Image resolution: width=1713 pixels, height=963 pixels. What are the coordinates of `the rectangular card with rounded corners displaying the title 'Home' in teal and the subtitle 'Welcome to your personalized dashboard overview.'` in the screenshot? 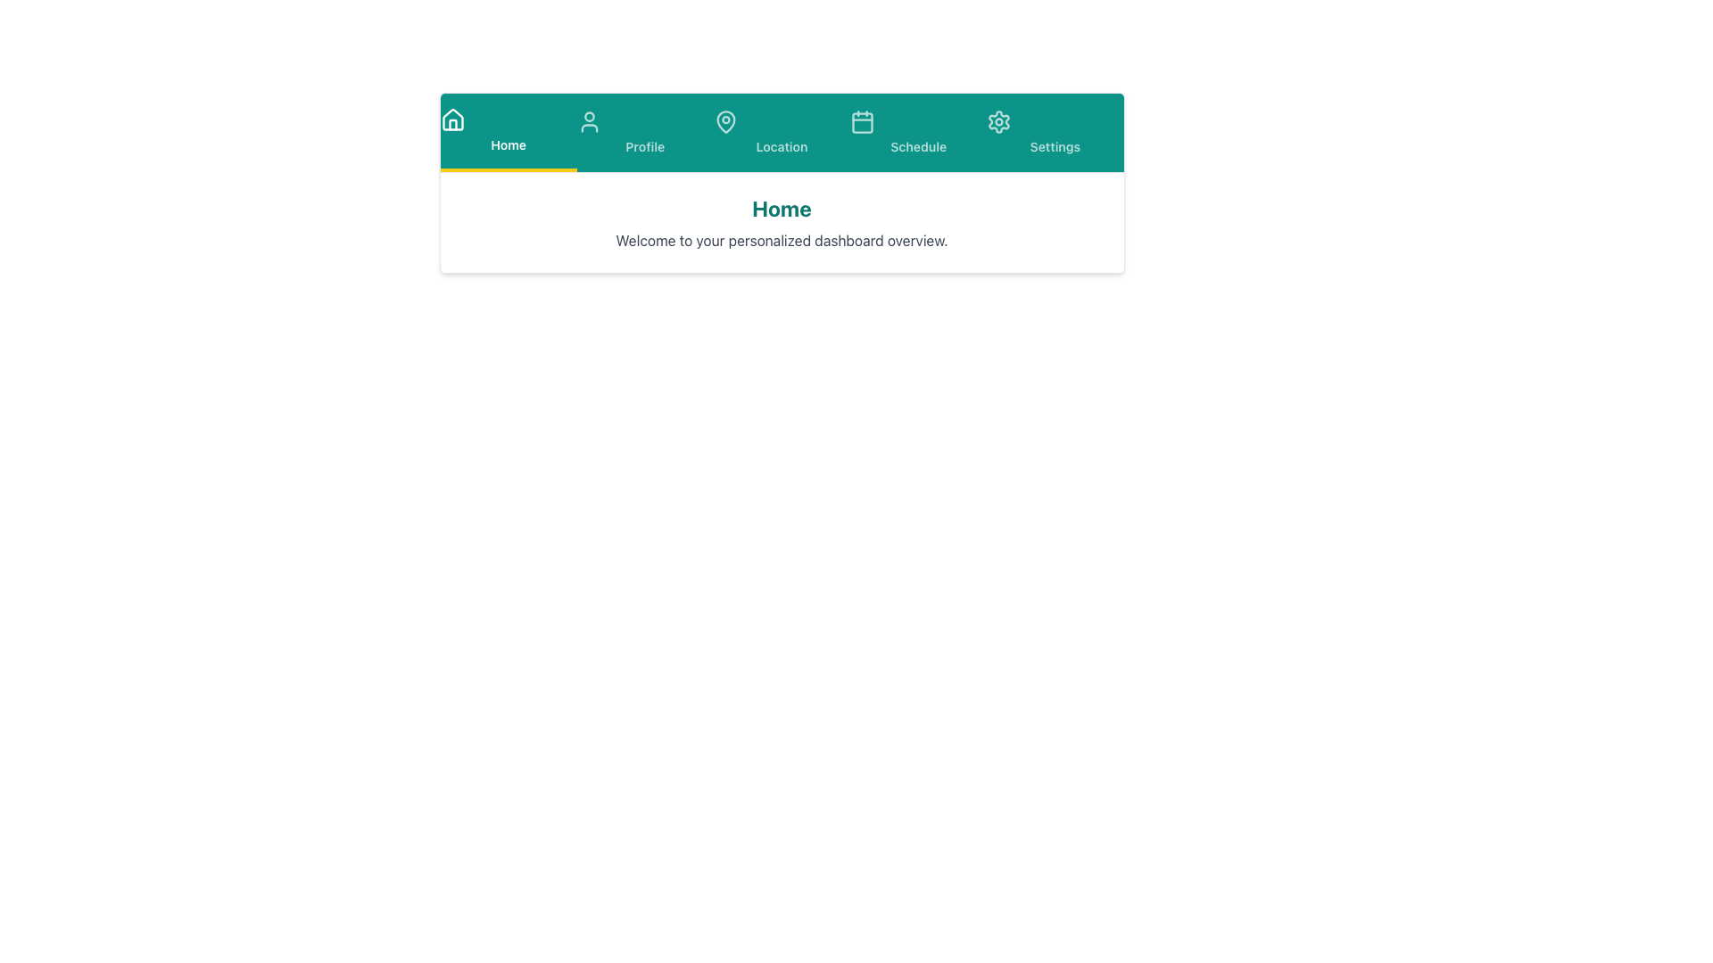 It's located at (782, 183).